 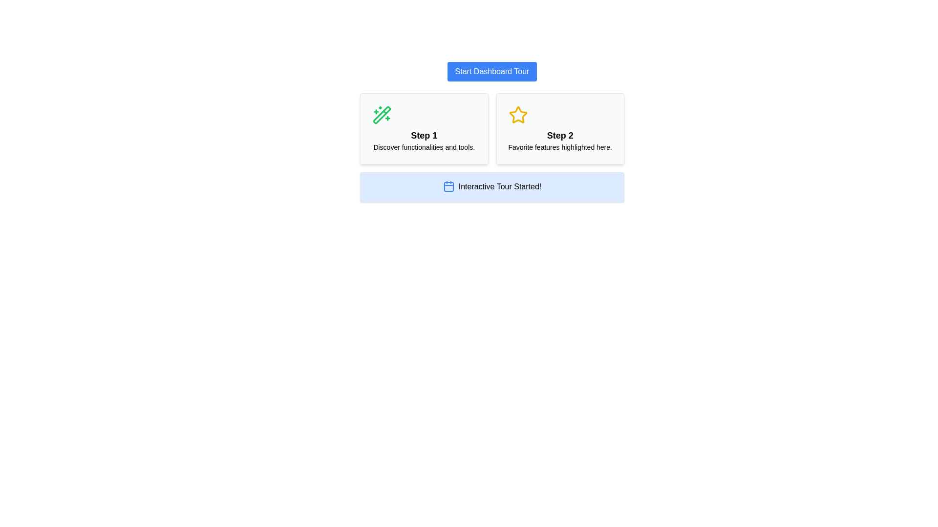 What do you see at coordinates (560, 128) in the screenshot?
I see `text from the second card in the grid layout, which contains 'Step 2' in bold and 'Favorite features highlighted here.' in a smaller font` at bounding box center [560, 128].